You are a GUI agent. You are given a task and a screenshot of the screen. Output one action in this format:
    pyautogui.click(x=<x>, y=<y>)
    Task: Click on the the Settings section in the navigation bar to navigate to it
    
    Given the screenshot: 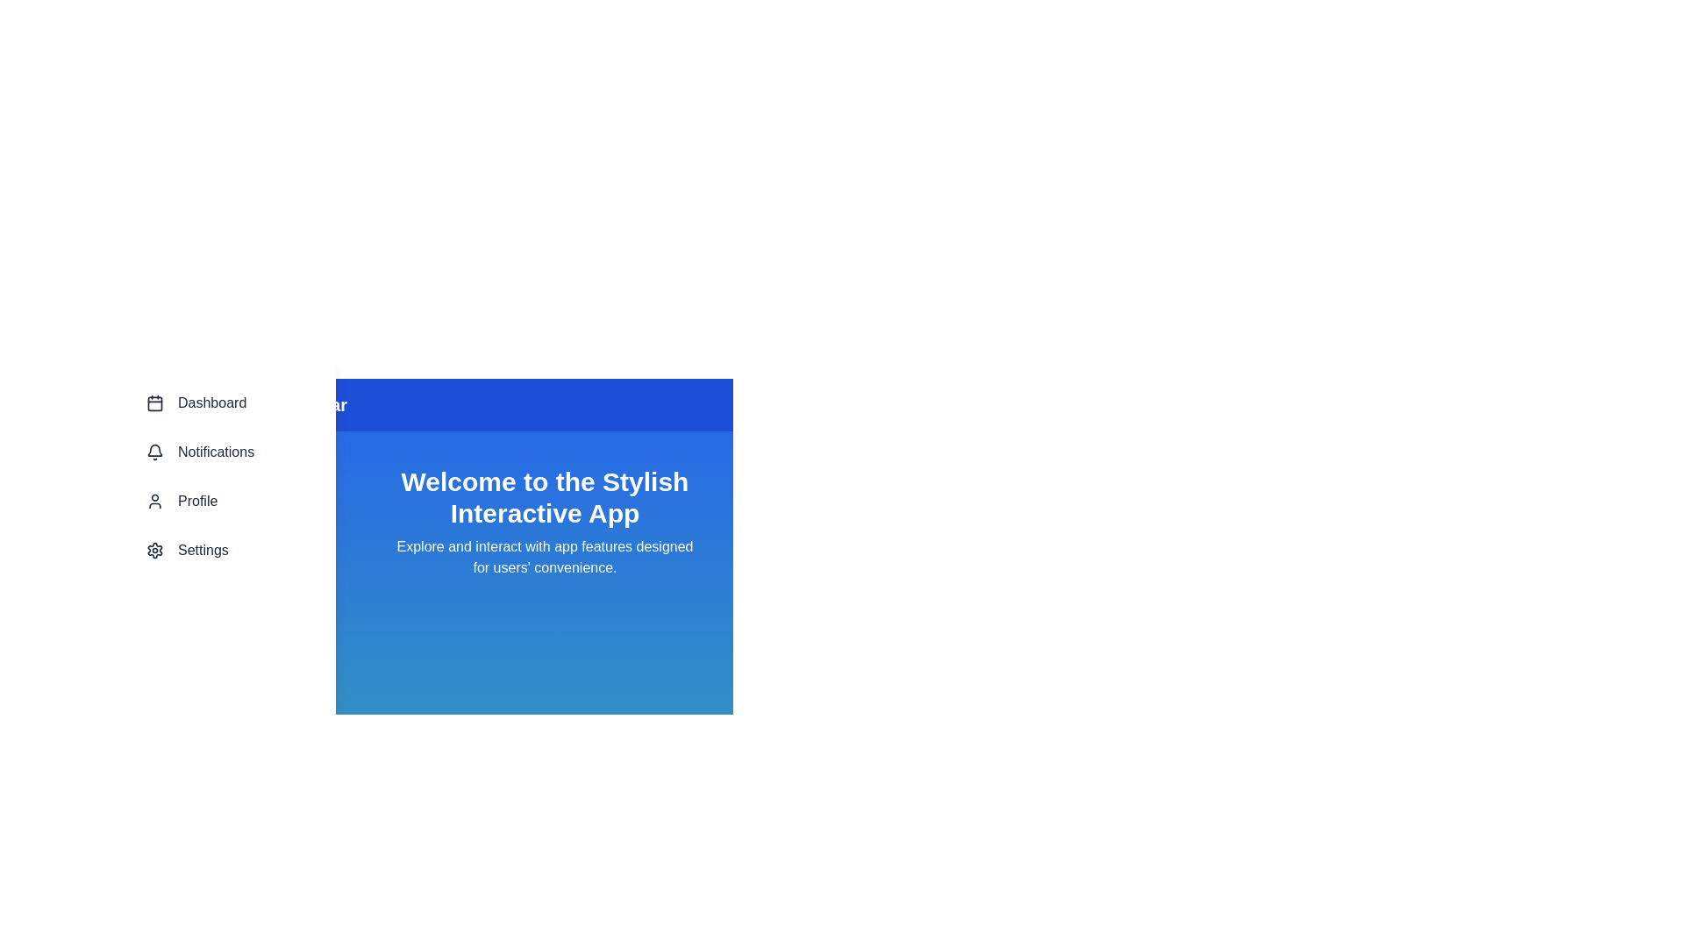 What is the action you would take?
    pyautogui.click(x=222, y=550)
    